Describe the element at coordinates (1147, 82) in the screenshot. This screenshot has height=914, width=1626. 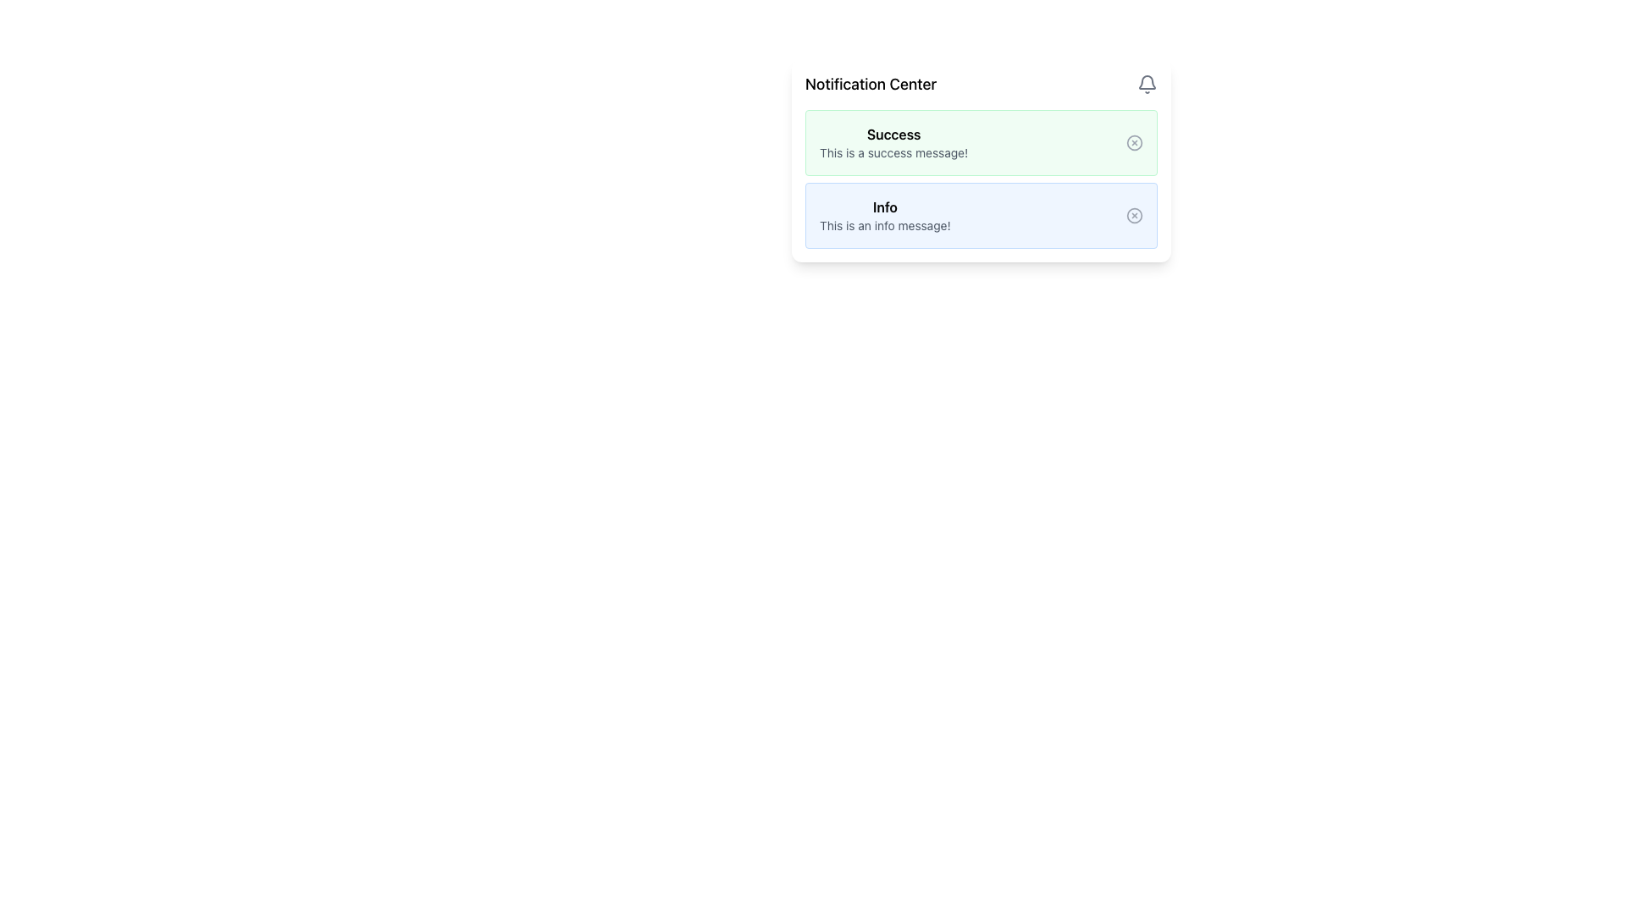
I see `the bell icon located in the top-right corner of the interface` at that location.